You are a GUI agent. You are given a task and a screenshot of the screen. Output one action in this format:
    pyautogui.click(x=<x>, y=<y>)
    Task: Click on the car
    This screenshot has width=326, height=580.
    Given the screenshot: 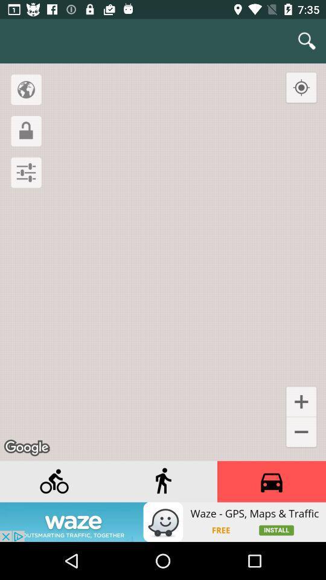 What is the action you would take?
    pyautogui.click(x=271, y=482)
    